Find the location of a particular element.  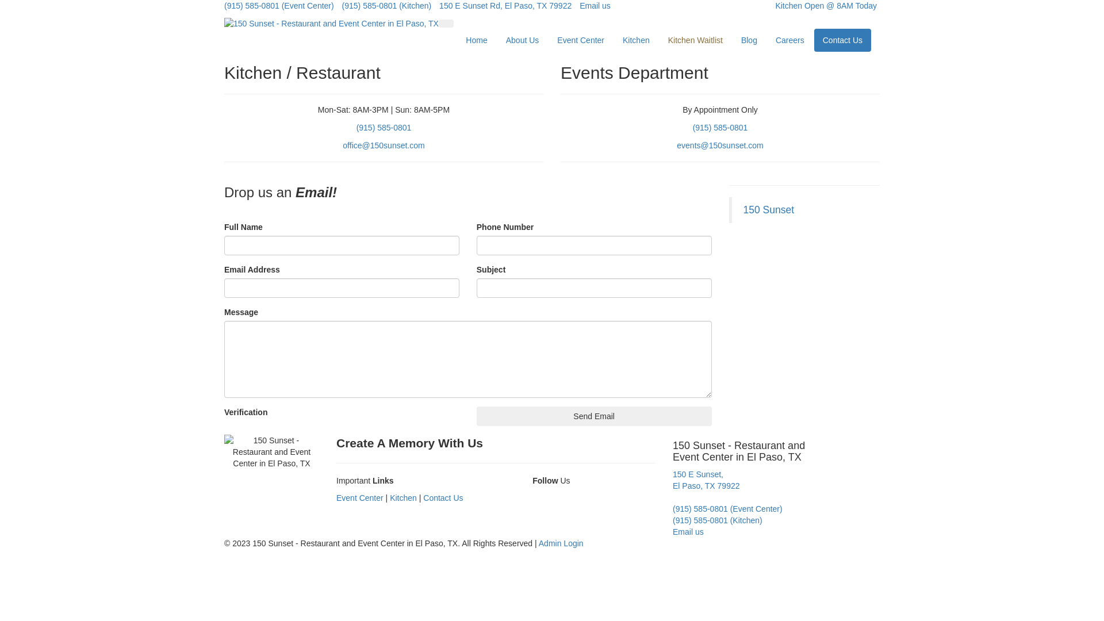

'About Us' is located at coordinates (522, 39).